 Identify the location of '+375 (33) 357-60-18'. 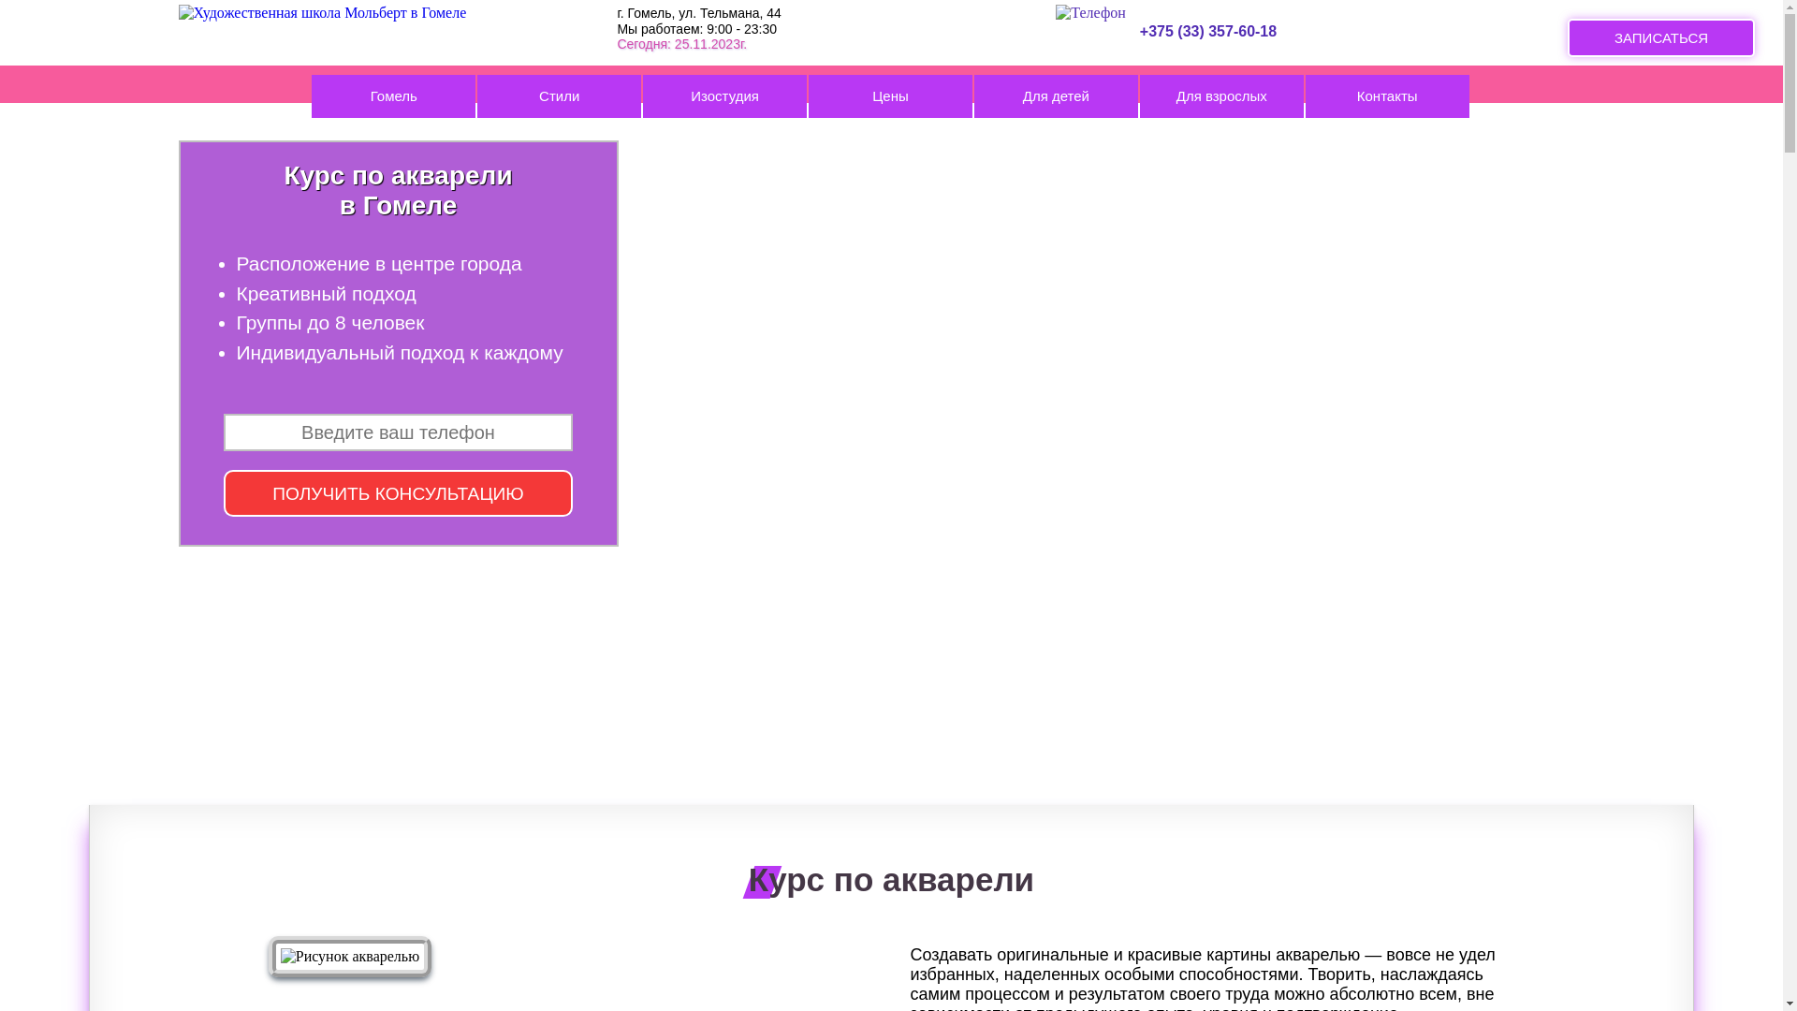
(1201, 22).